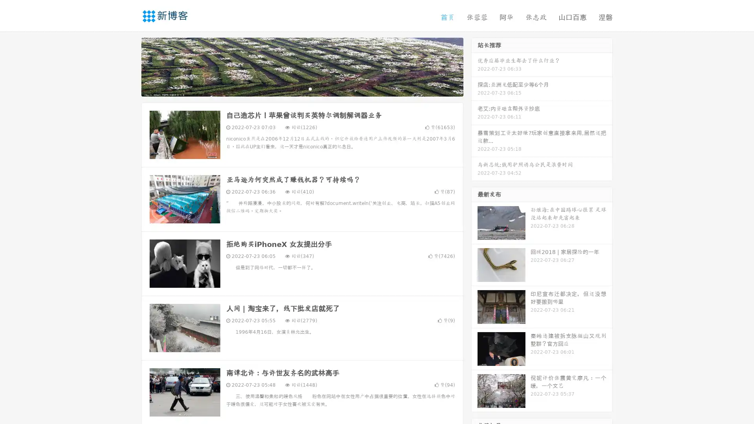  I want to click on Previous slide, so click(130, 66).